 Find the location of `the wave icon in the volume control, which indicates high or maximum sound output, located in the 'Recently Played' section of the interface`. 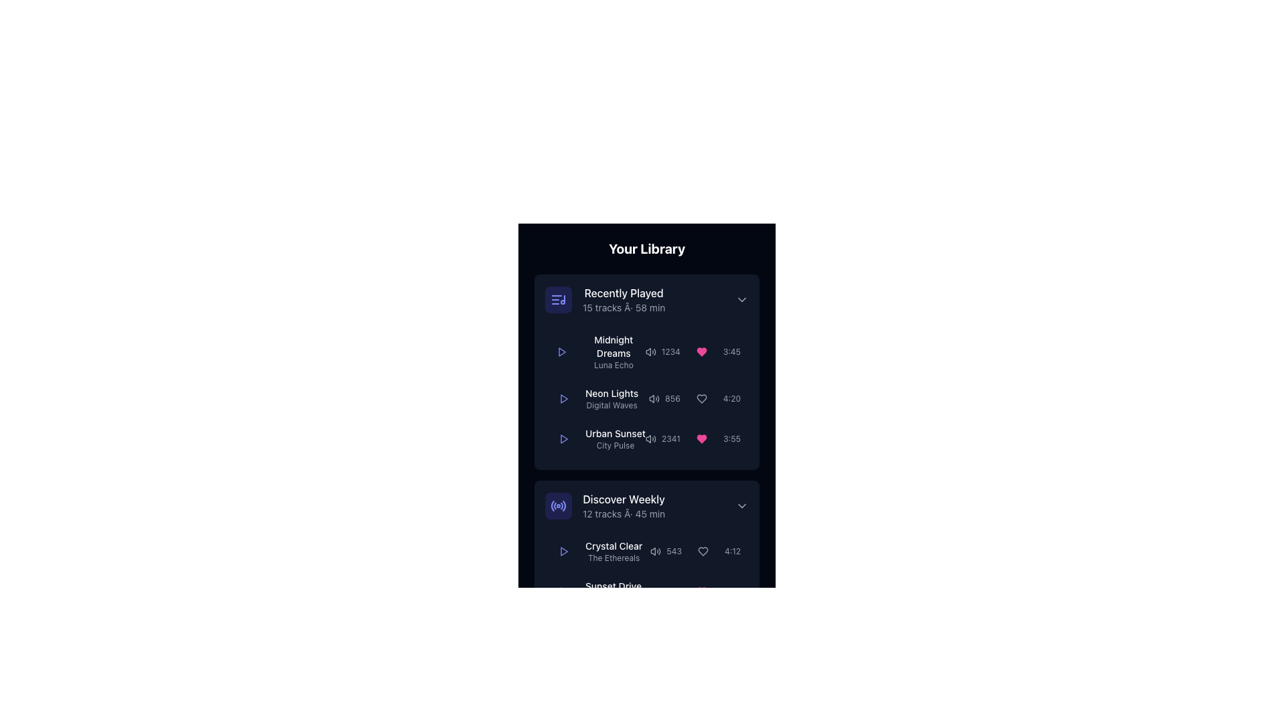

the wave icon in the volume control, which indicates high or maximum sound output, located in the 'Recently Played' section of the interface is located at coordinates (654, 438).